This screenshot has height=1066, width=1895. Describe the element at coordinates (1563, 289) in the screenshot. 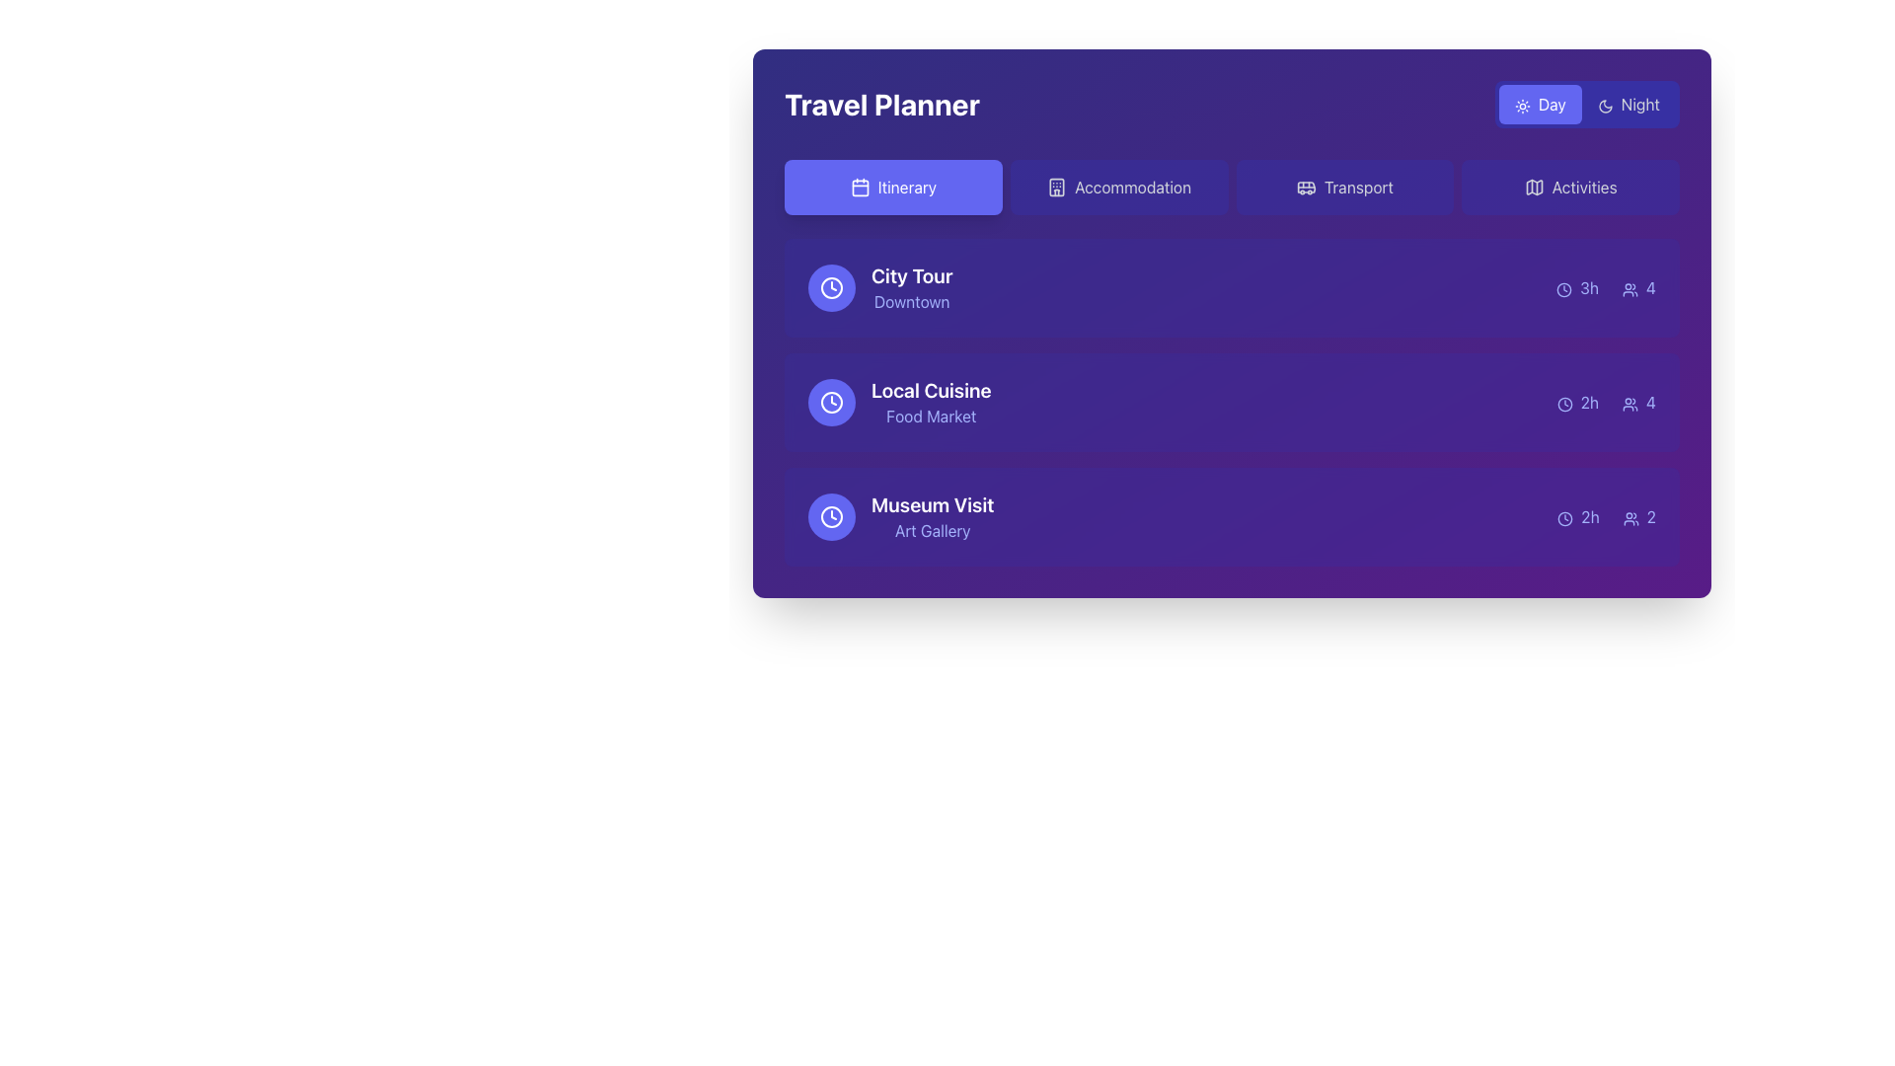

I see `the clock icon located to the left of the text '3h' in the second row of the item list within the 'Itinerary' tab of the 'Travel Planner' section` at that location.